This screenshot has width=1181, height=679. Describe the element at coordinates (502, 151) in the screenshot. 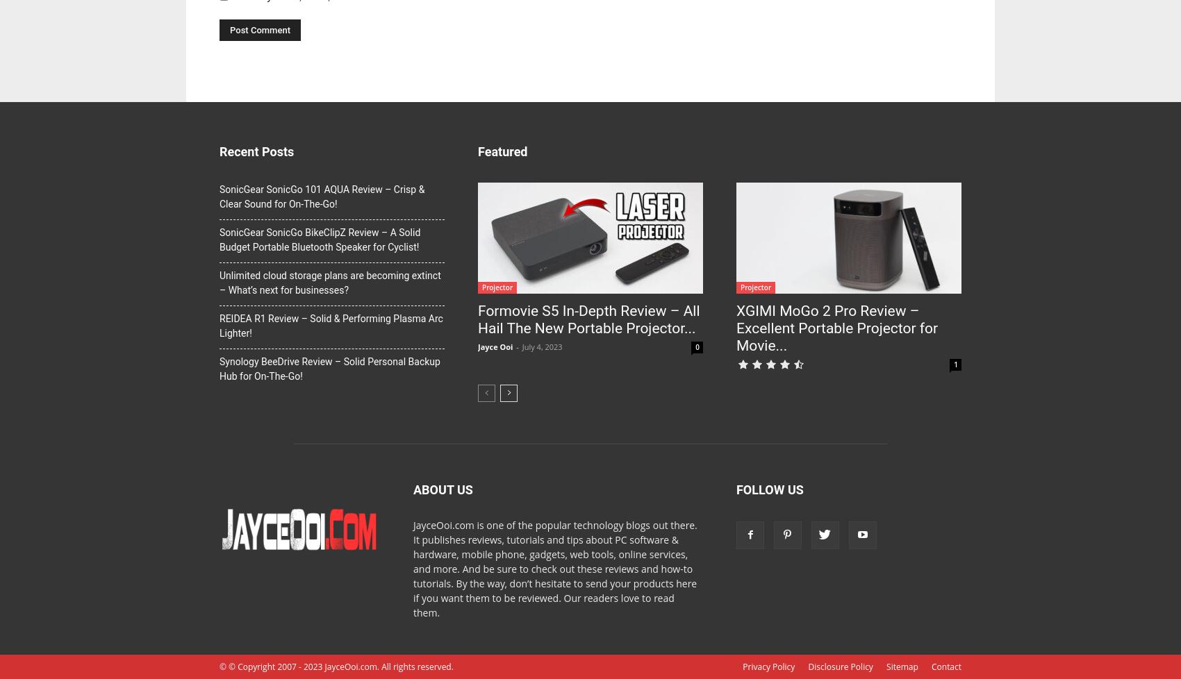

I see `'Featured'` at that location.